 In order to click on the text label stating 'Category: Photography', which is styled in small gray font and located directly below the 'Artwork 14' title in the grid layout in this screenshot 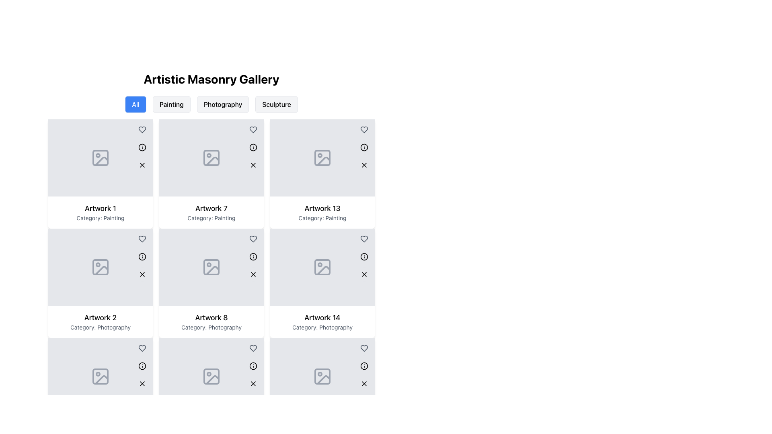, I will do `click(322, 327)`.